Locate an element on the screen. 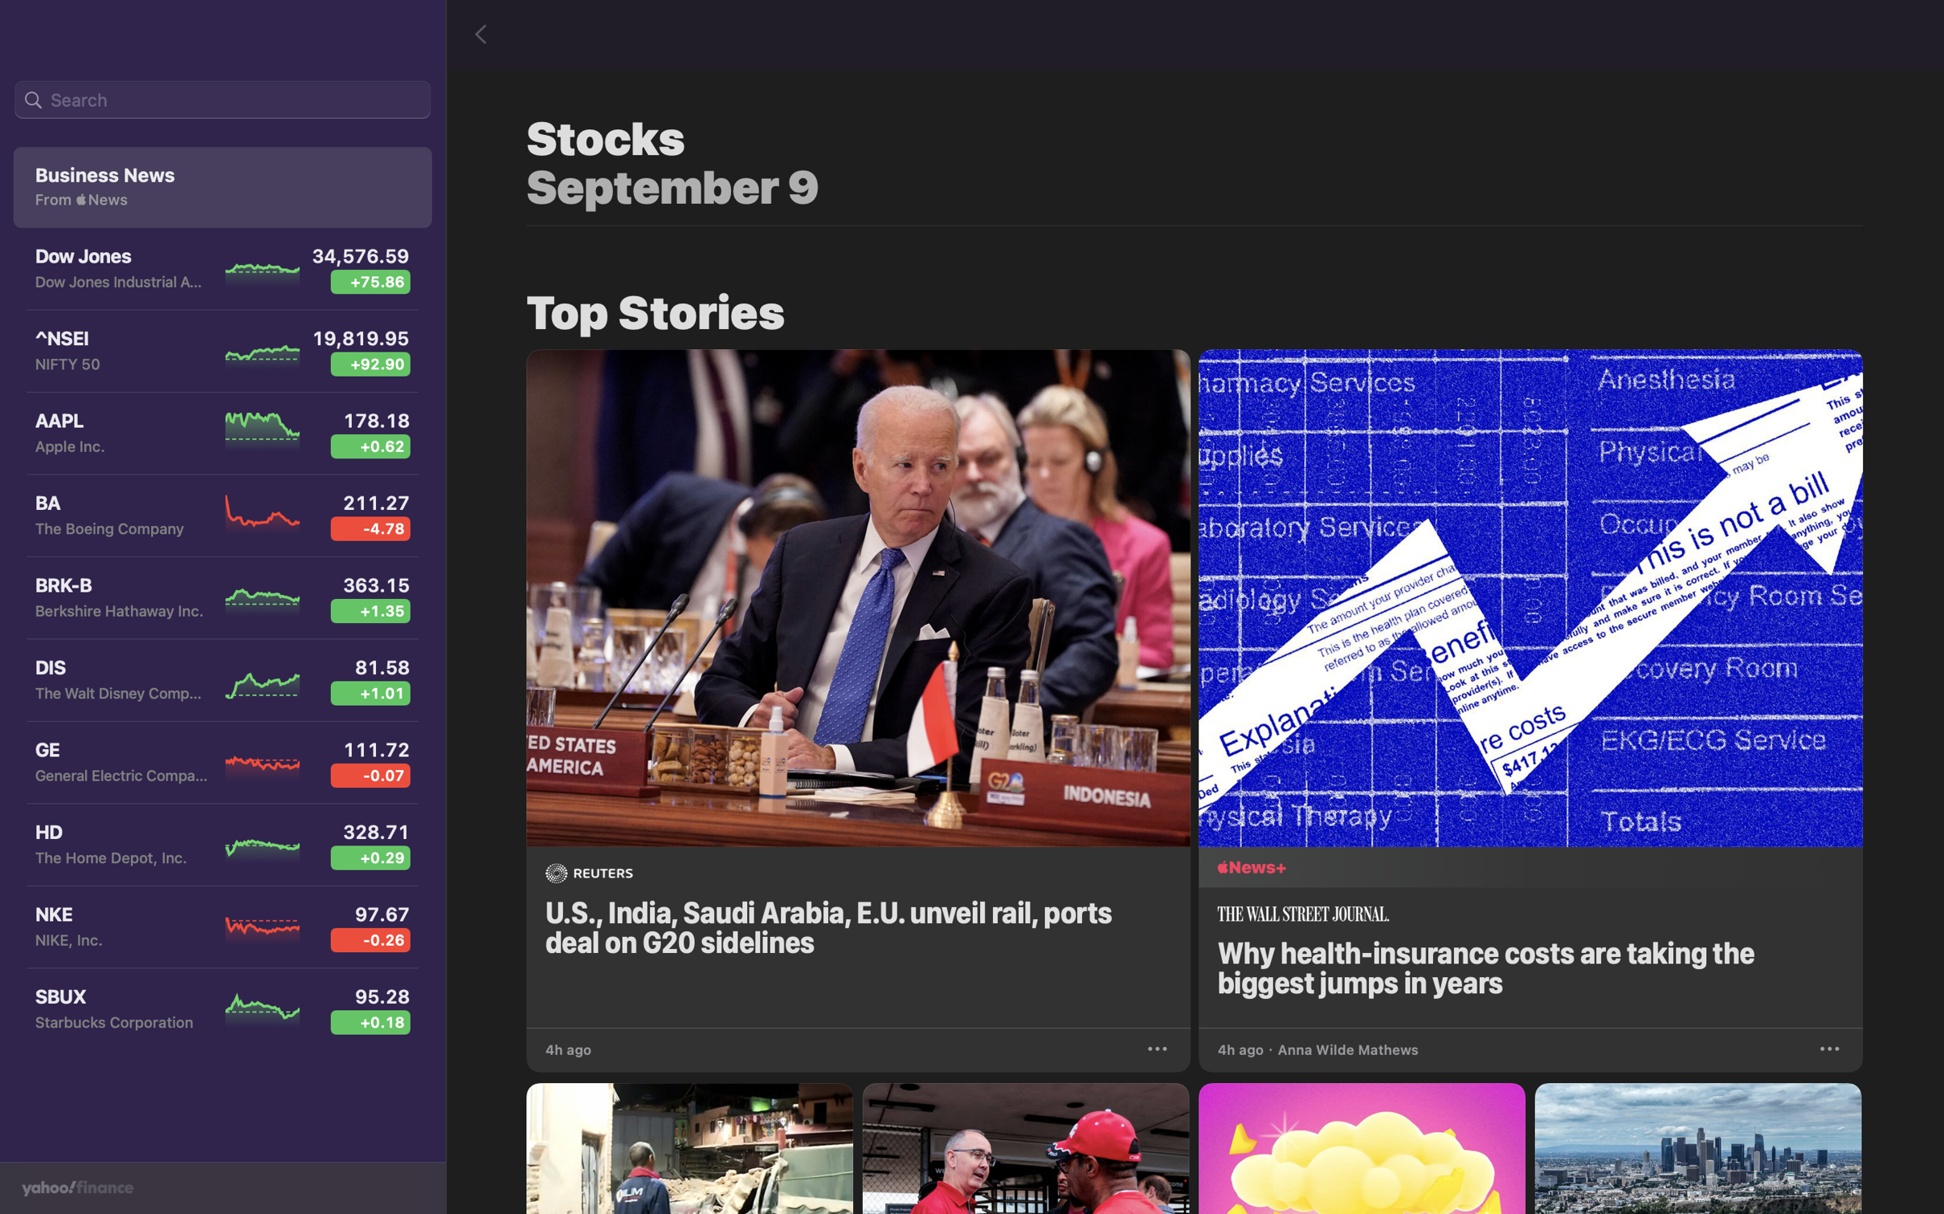 The image size is (1944, 1214). the Home Depot stock for getting more info is located at coordinates (218, 848).